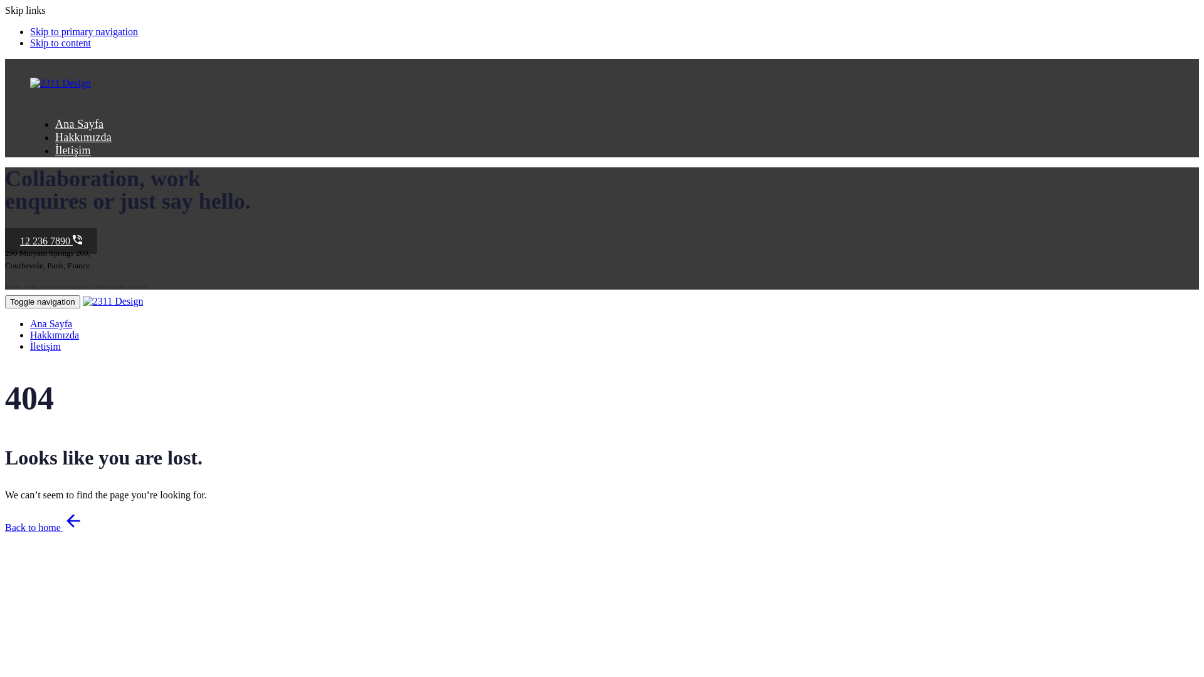  I want to click on '12 236 7890', so click(50, 241).